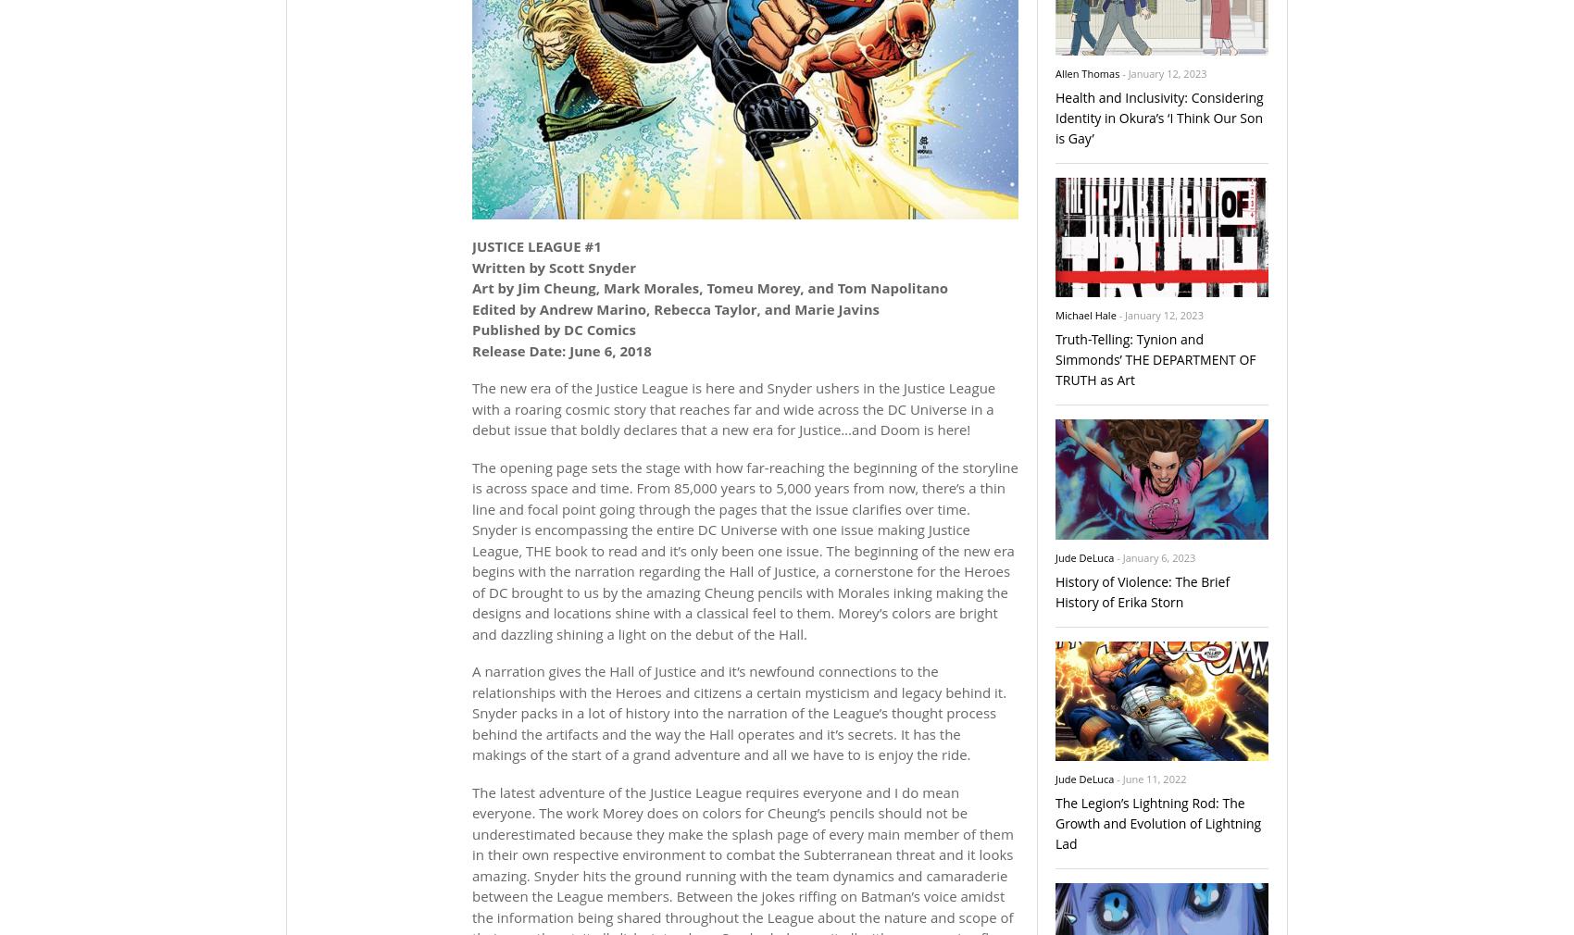 This screenshot has height=935, width=1574. Describe the element at coordinates (1157, 822) in the screenshot. I see `'The Legion’s Lightning Rod: The Growth and Evolution of Lightning Lad'` at that location.